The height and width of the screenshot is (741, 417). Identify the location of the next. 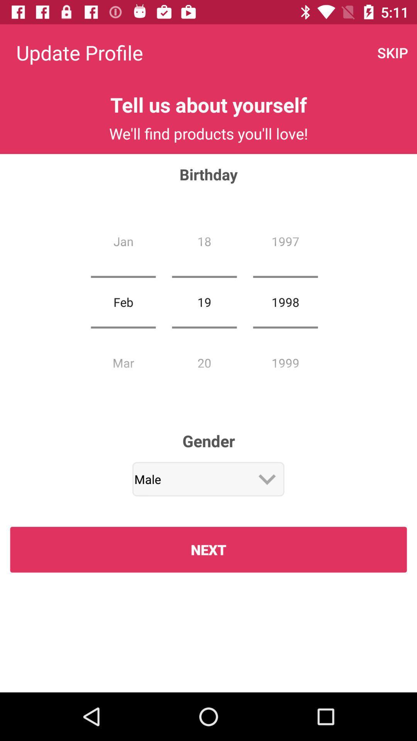
(208, 549).